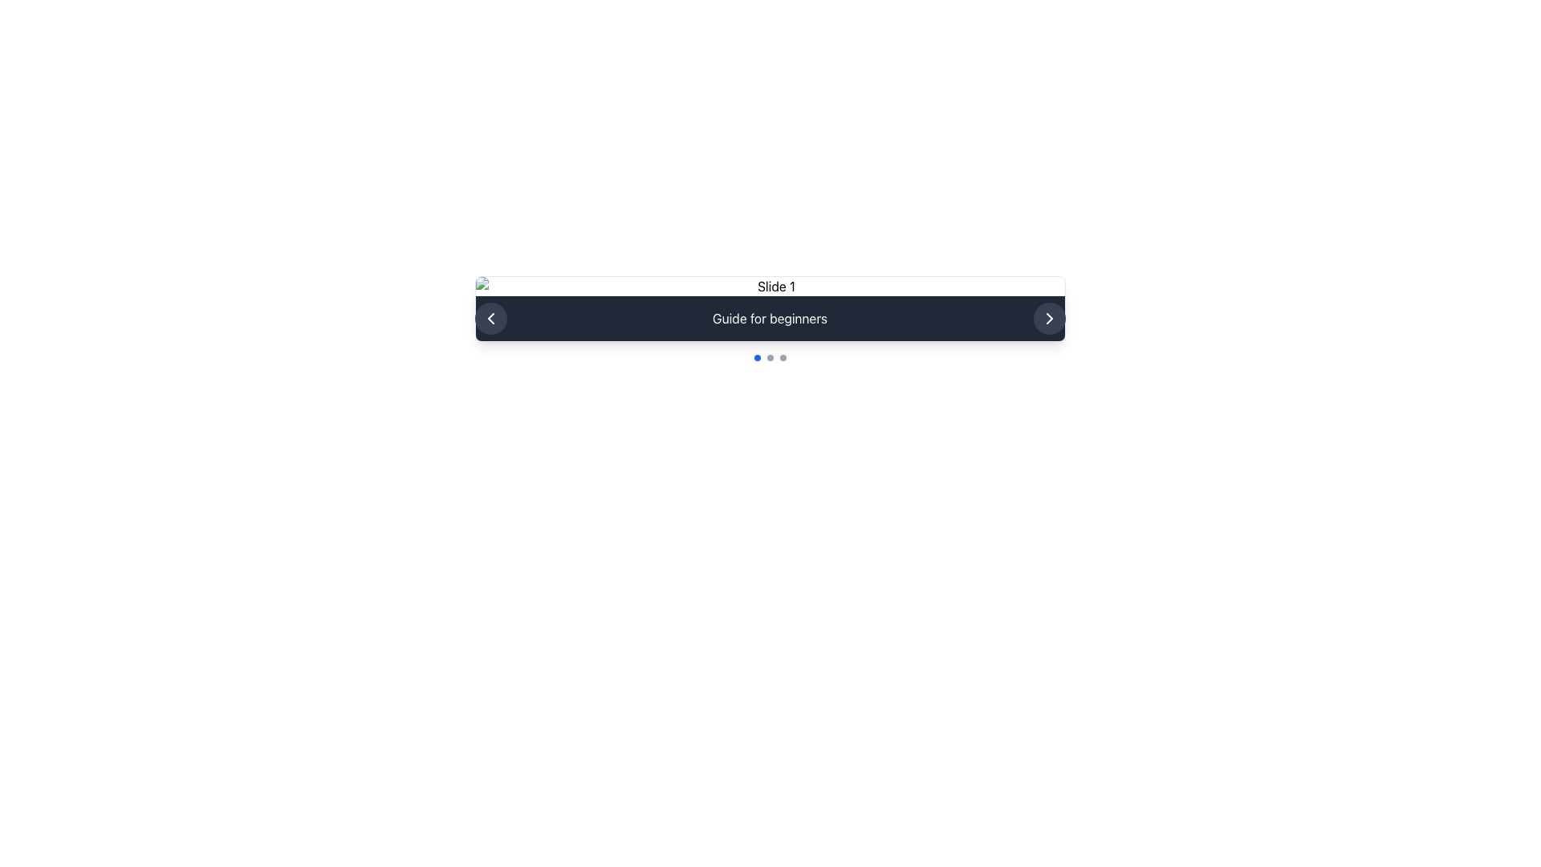 The image size is (1541, 867). Describe the element at coordinates (769, 309) in the screenshot. I see `the Label displaying 'Guide for beginners', which has a dark background and rounded corners, positioned below a placeholder image and above three navigation dots` at that location.